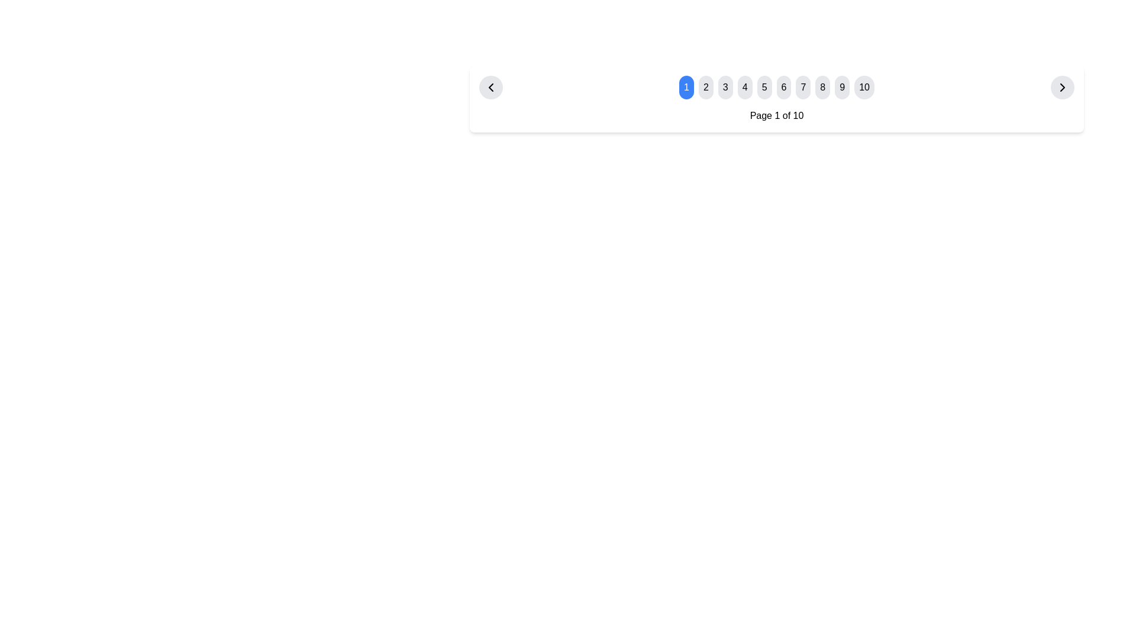 Image resolution: width=1136 pixels, height=639 pixels. Describe the element at coordinates (822, 86) in the screenshot. I see `the pagination button labeled '8'` at that location.